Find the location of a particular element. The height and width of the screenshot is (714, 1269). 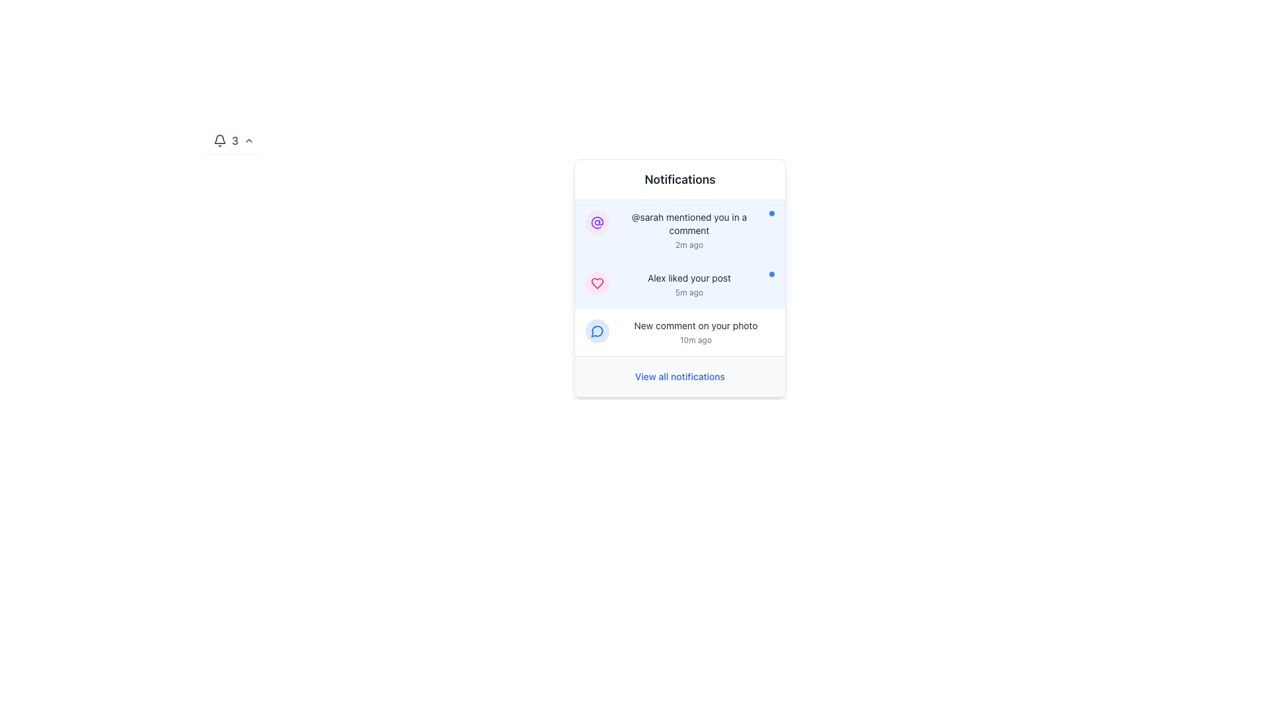

the button located at the bottom center of the notifications pop-up is located at coordinates (679, 377).